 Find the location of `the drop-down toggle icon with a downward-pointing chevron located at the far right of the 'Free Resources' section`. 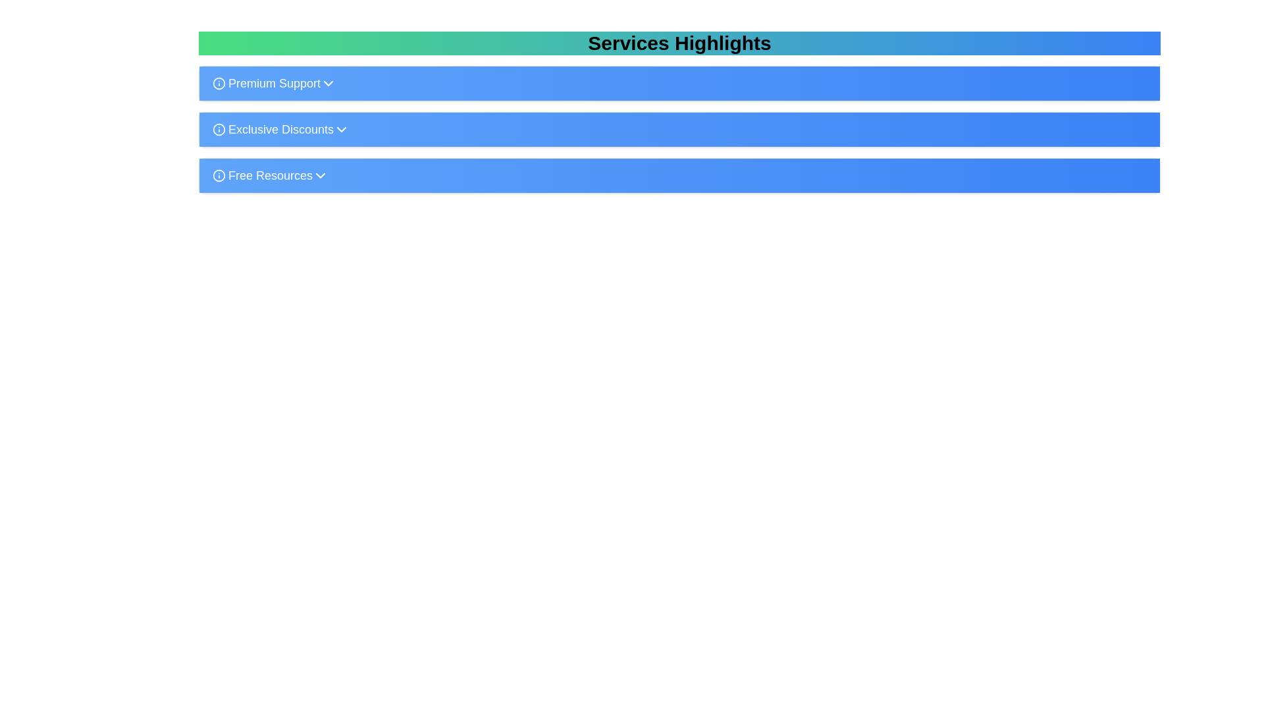

the drop-down toggle icon with a downward-pointing chevron located at the far right of the 'Free Resources' section is located at coordinates (321, 174).